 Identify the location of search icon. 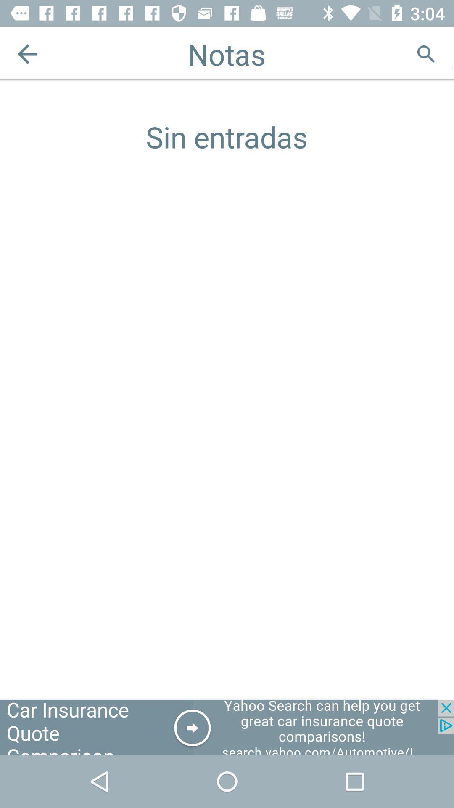
(426, 53).